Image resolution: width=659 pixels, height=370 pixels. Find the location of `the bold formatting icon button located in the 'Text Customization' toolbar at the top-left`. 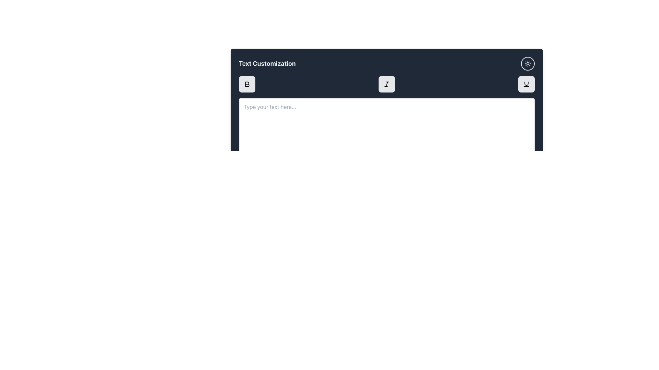

the bold formatting icon button located in the 'Text Customization' toolbar at the top-left is located at coordinates (247, 84).